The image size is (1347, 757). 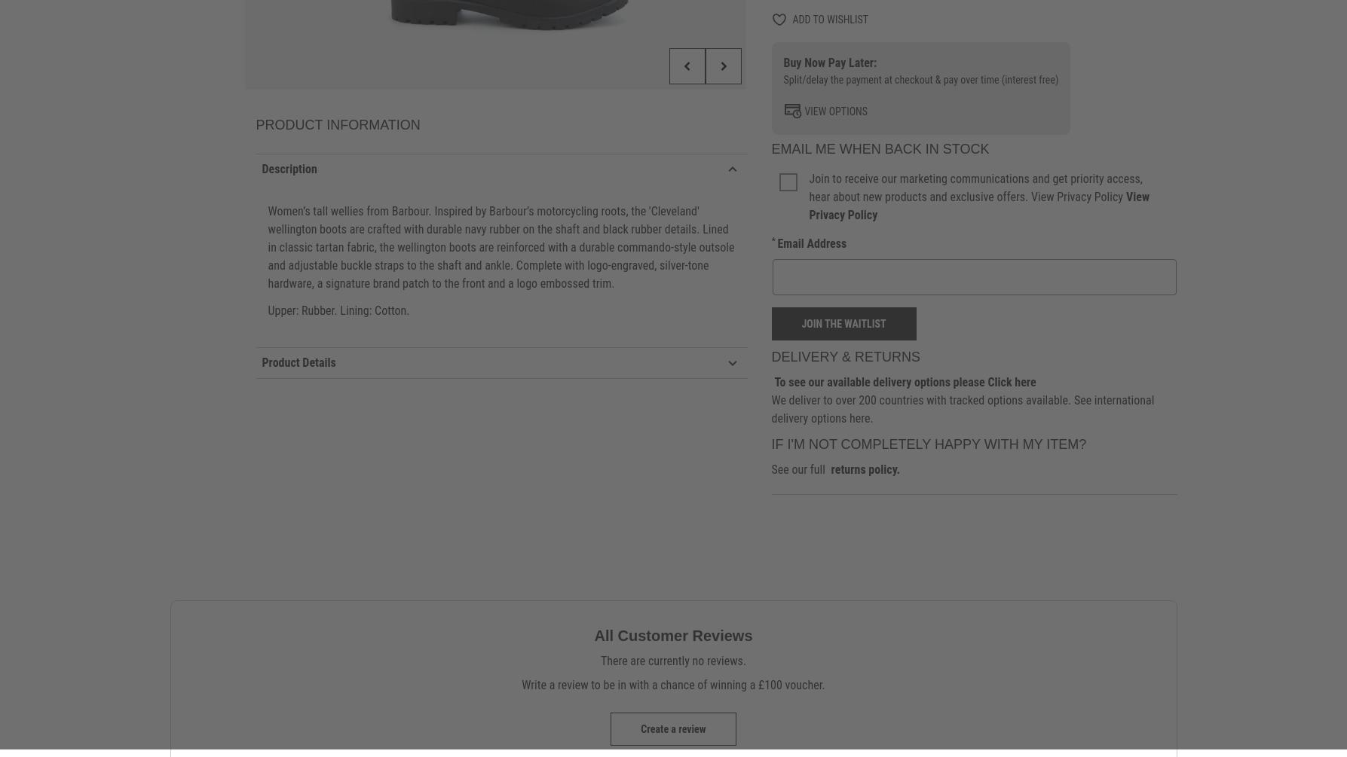 I want to click on 'Add to wishlist', so click(x=830, y=20).